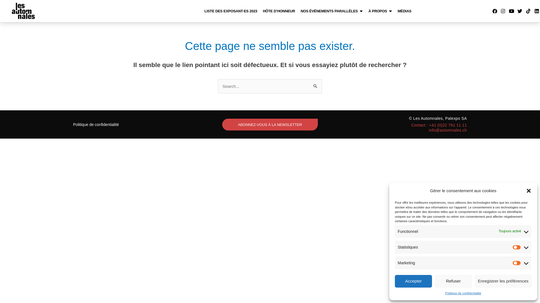  Describe the element at coordinates (447, 130) in the screenshot. I see `'info@automnales.ch'` at that location.